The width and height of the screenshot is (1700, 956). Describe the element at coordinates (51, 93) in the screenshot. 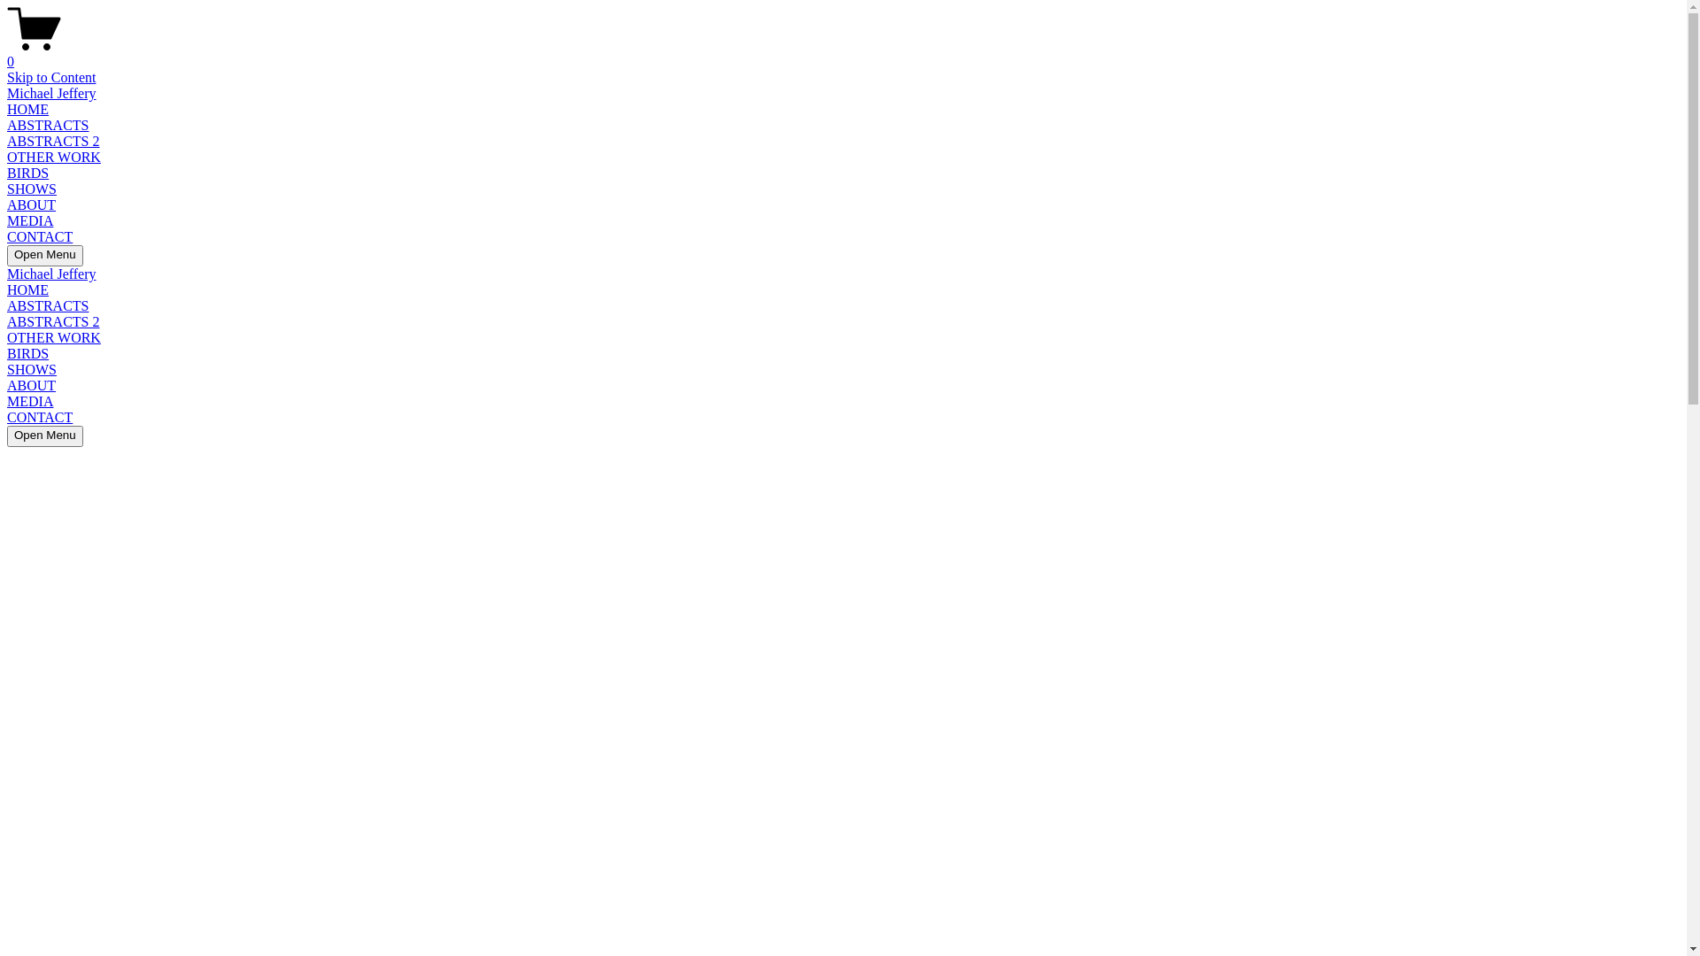

I see `'Michael Jeffery'` at that location.